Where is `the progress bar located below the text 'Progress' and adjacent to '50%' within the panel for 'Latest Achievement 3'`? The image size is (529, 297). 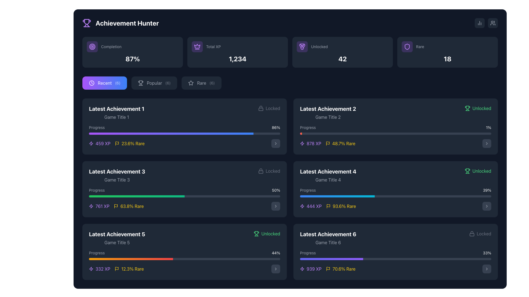 the progress bar located below the text 'Progress' and adjacent to '50%' within the panel for 'Latest Achievement 3' is located at coordinates (185, 196).